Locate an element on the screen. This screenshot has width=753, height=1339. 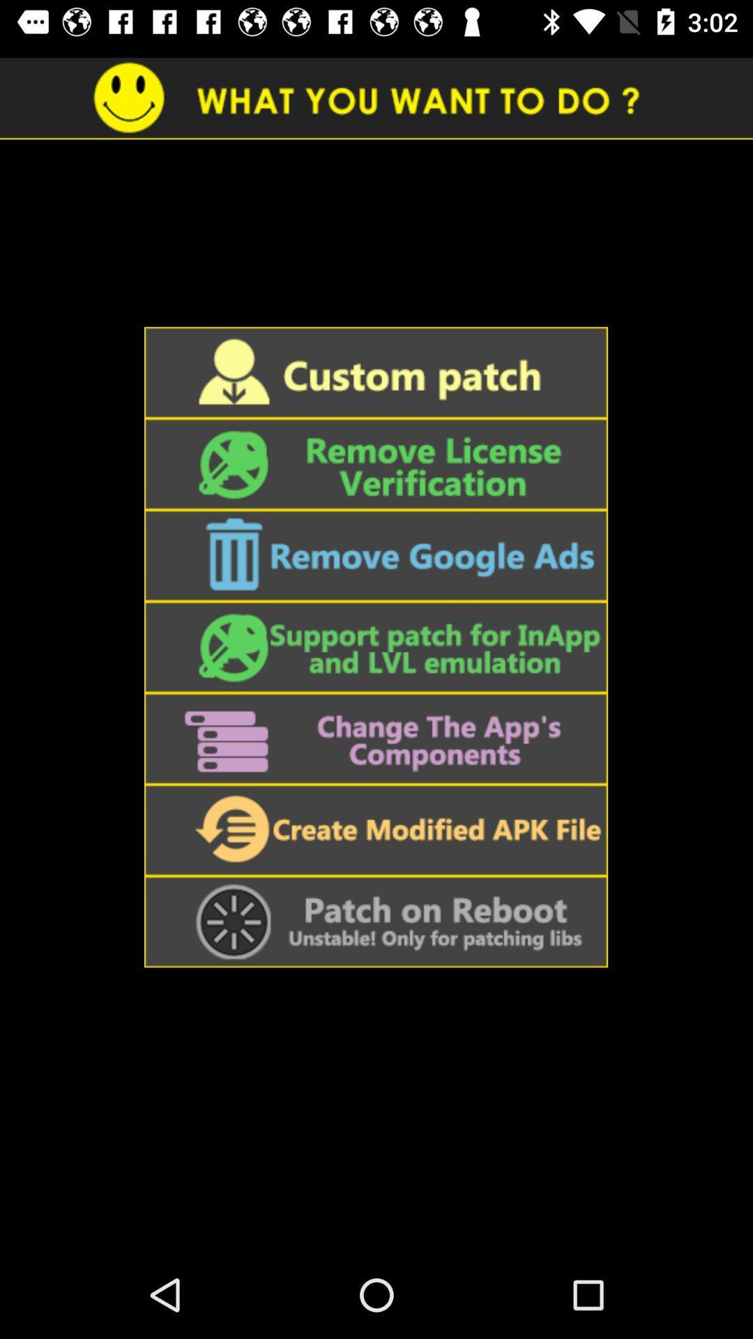
click on custom patch is located at coordinates (375, 372).